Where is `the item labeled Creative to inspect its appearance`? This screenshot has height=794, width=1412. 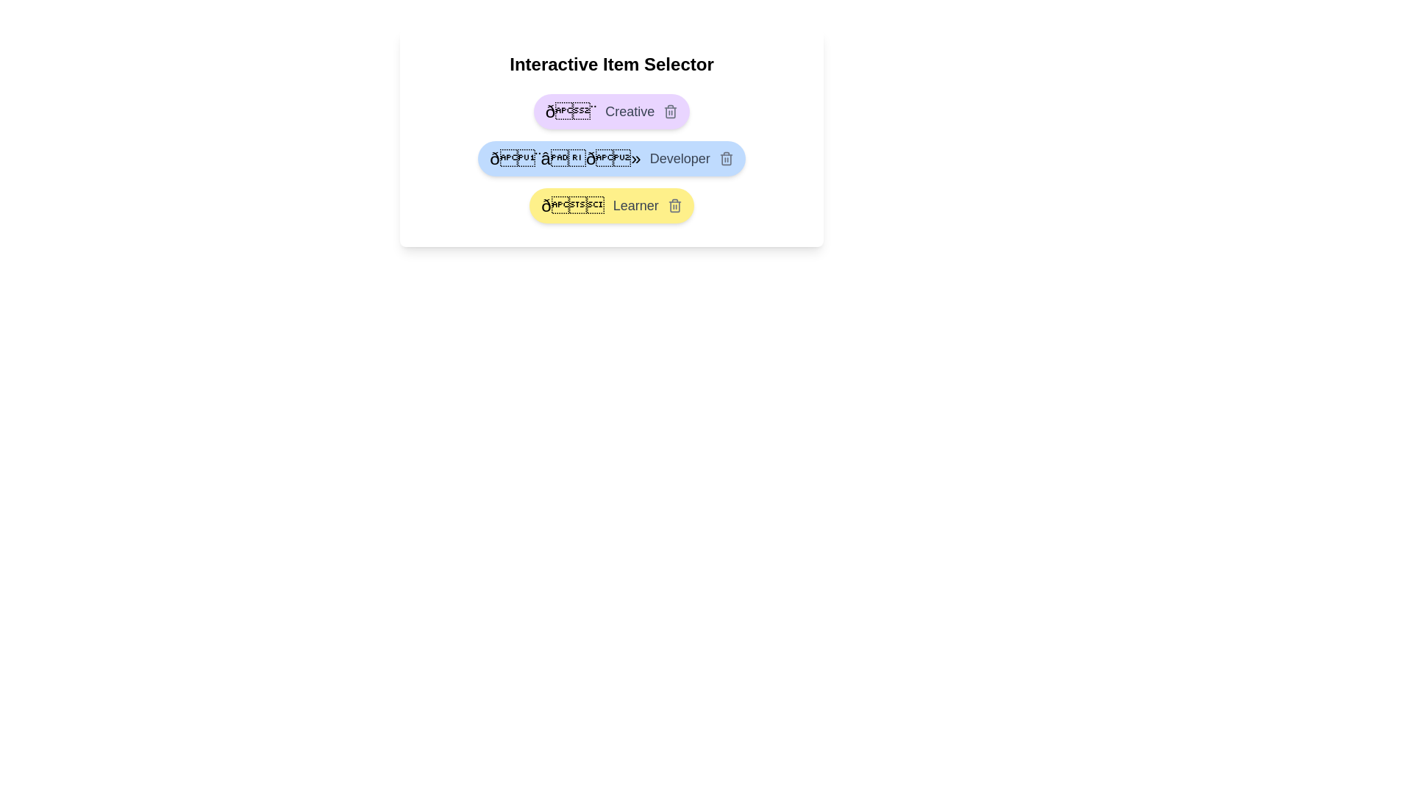 the item labeled Creative to inspect its appearance is located at coordinates (611, 110).